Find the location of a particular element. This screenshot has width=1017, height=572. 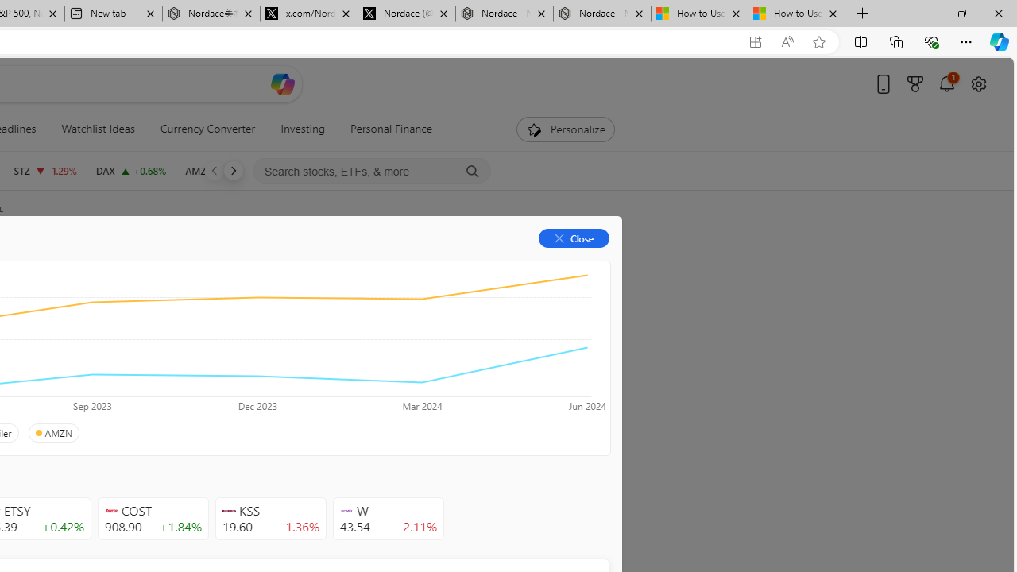

'How to Use a Monitor With Your Closed Laptop' is located at coordinates (796, 14).